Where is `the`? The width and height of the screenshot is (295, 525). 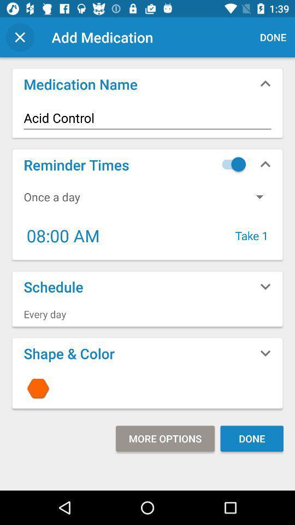 the is located at coordinates (147, 388).